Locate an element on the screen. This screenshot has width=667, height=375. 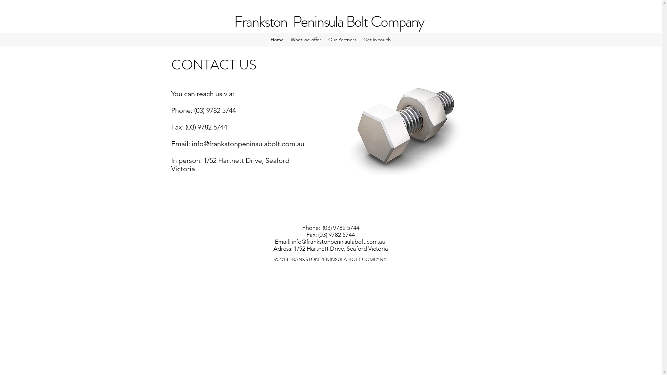
'info@frankstonpeninsulabolt.com.au' is located at coordinates (192, 143).